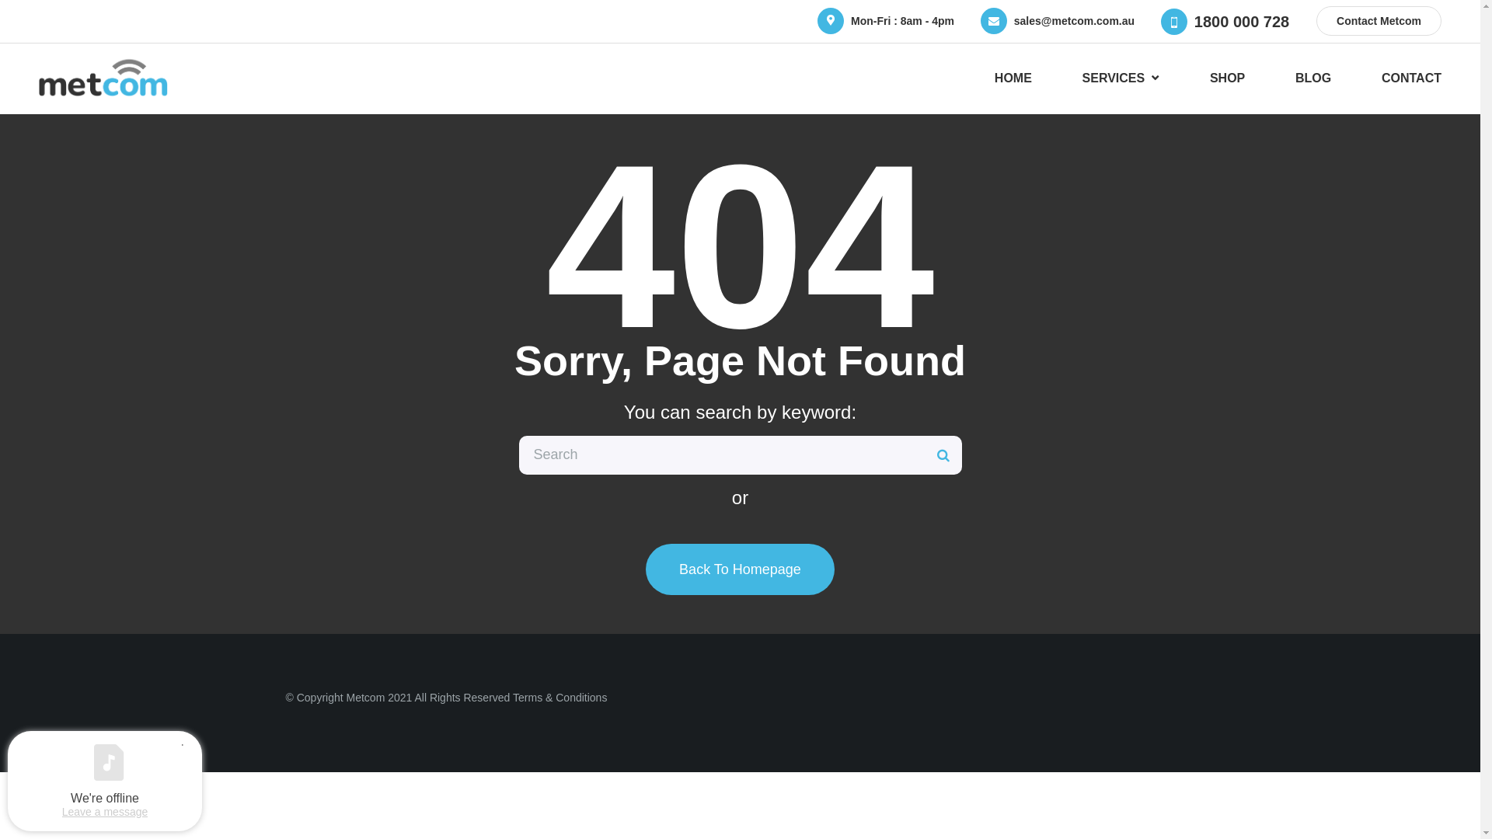 This screenshot has width=1492, height=839. I want to click on 'sales@metcom.com.au', so click(1014, 21).